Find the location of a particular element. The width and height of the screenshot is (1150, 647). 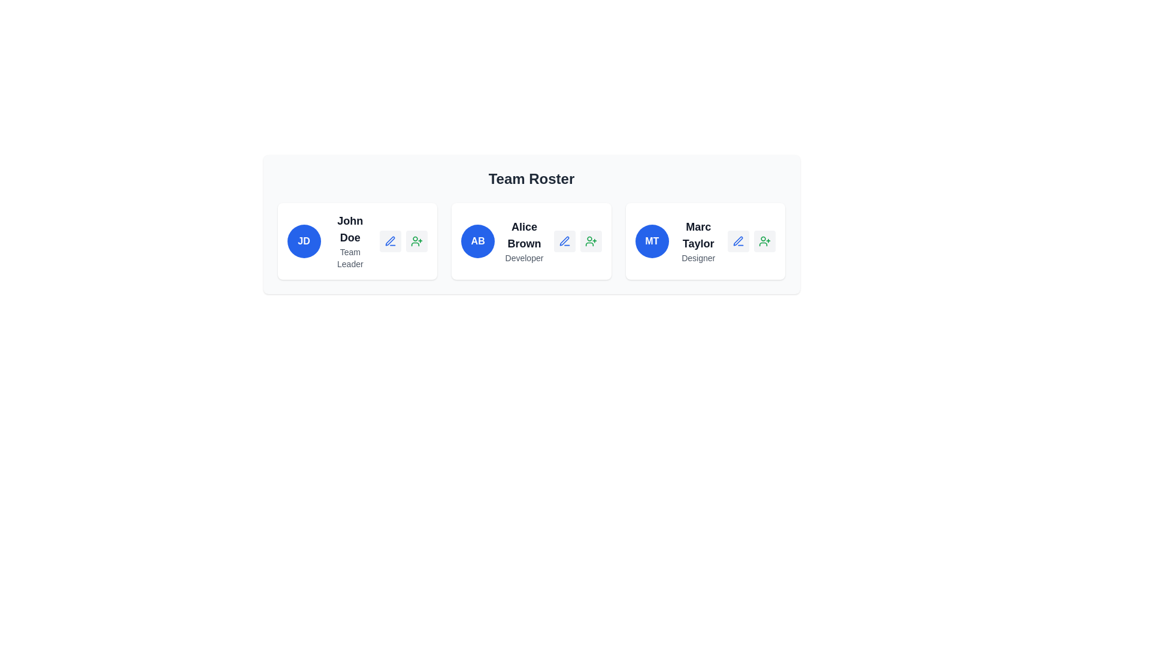

the button that allows users to edit details related to 'Marc Taylor', located within the card to the left of a green icon in the bottom-right corner is located at coordinates (738, 241).